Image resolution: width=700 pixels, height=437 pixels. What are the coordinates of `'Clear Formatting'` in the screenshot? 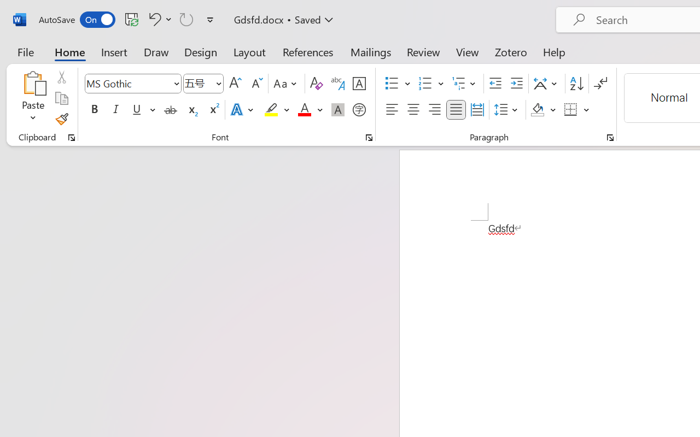 It's located at (316, 84).